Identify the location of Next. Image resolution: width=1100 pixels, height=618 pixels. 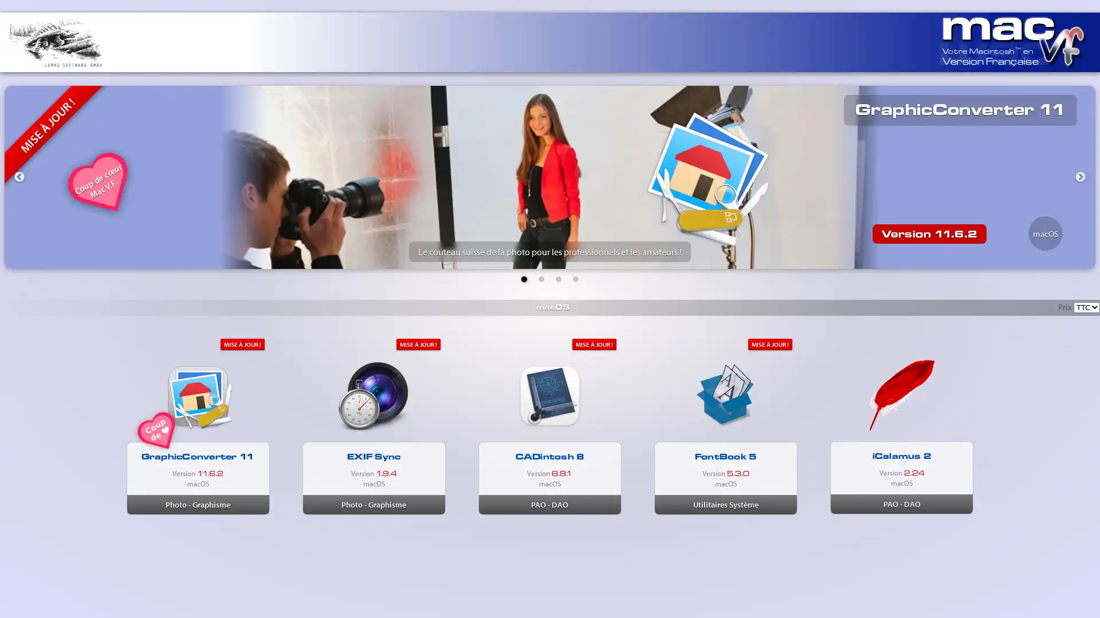
(1080, 177).